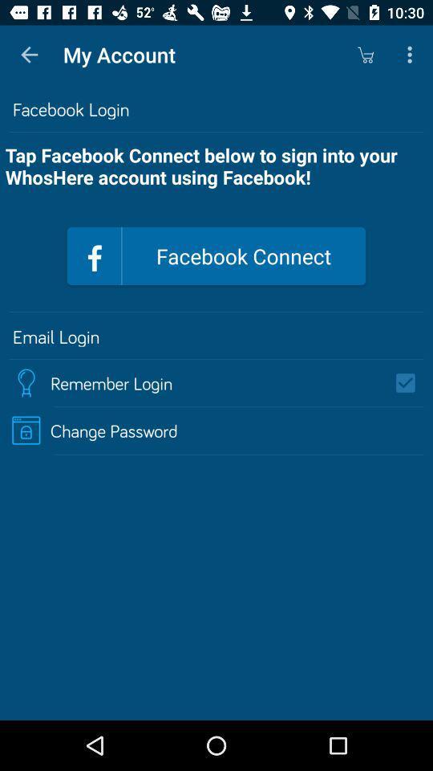  Describe the element at coordinates (411, 383) in the screenshot. I see `unselect` at that location.